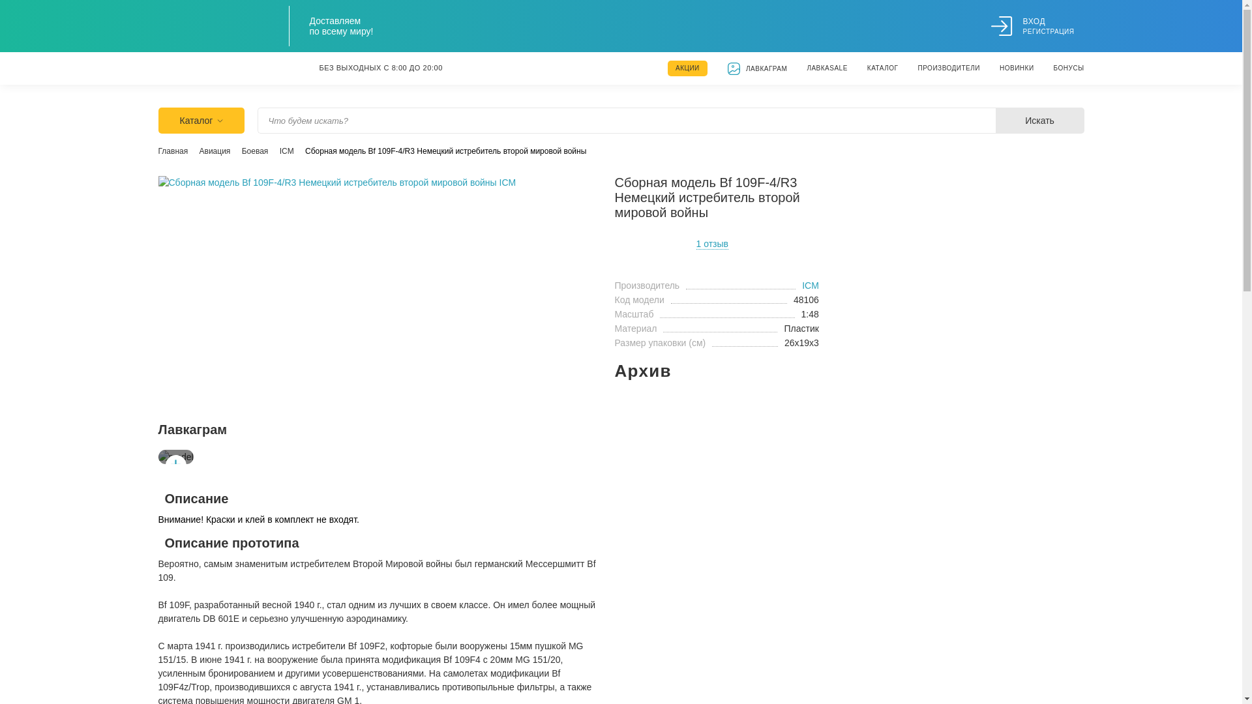 This screenshot has width=1252, height=704. I want to click on 'ICM', so click(810, 285).